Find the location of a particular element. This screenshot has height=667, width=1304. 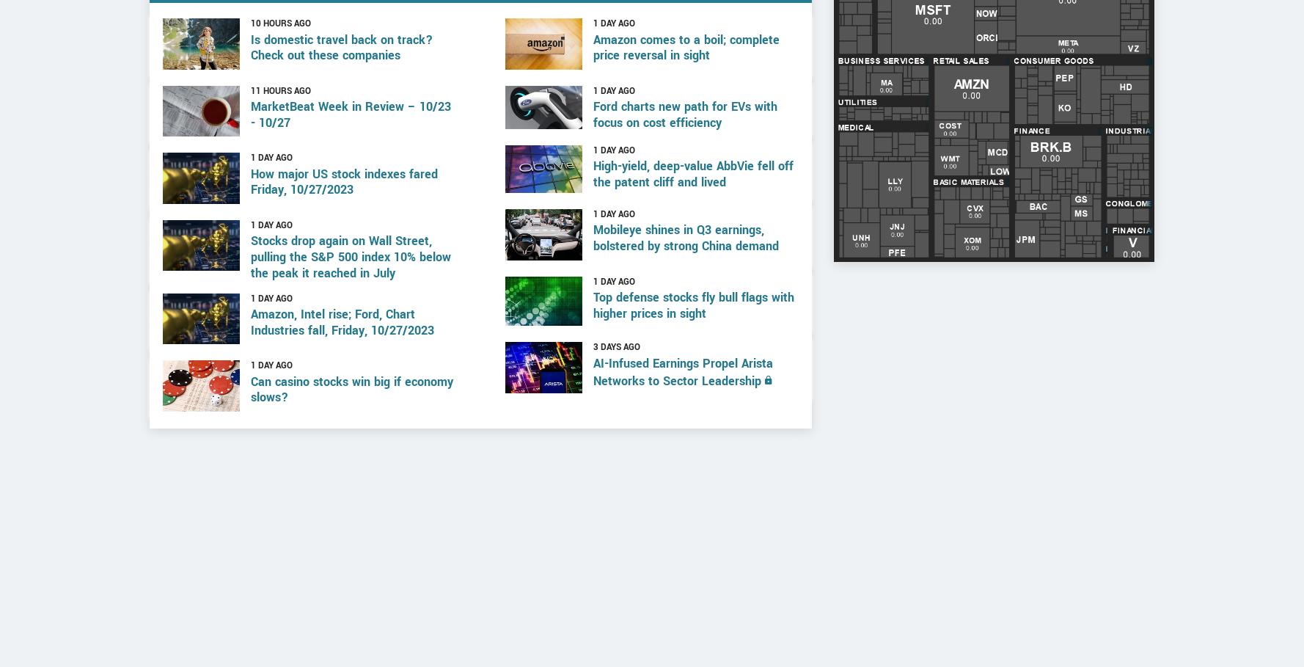

'Is domestic travel back on track? Check out these companies' is located at coordinates (341, 102).